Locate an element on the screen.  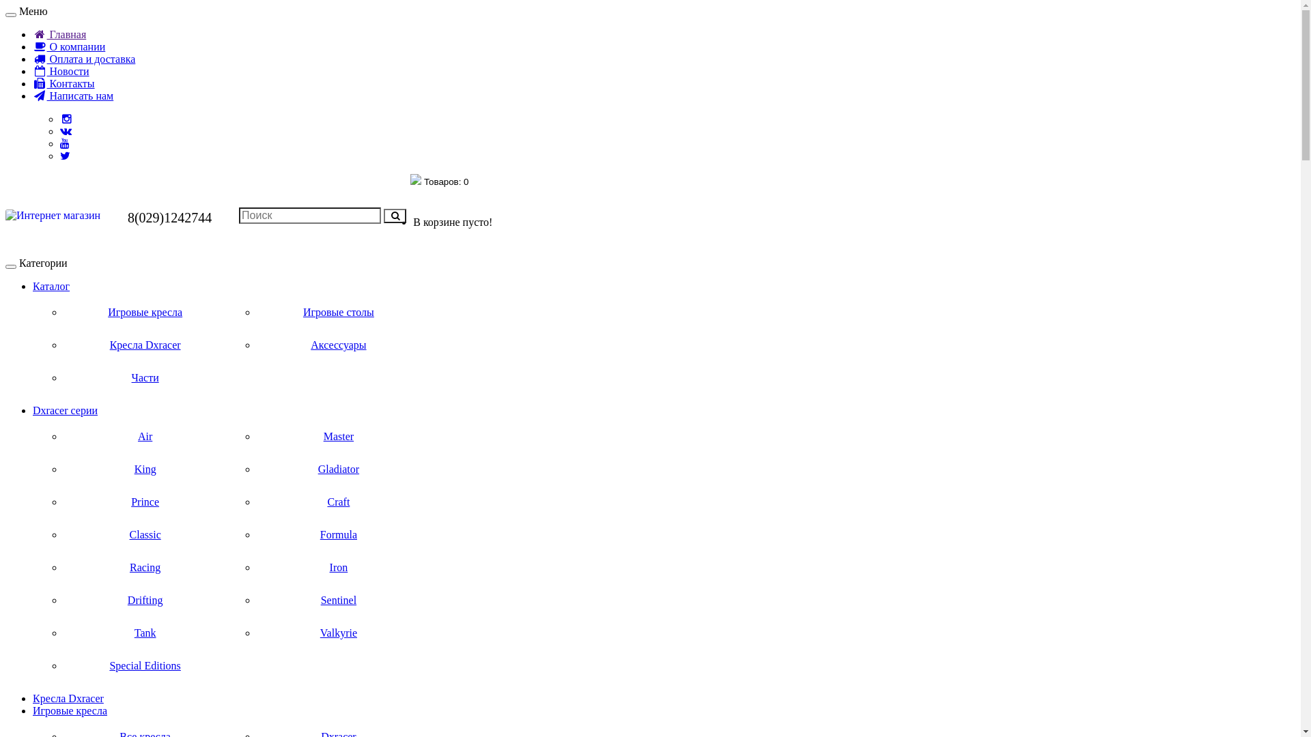
'Valkyrie' is located at coordinates (338, 633).